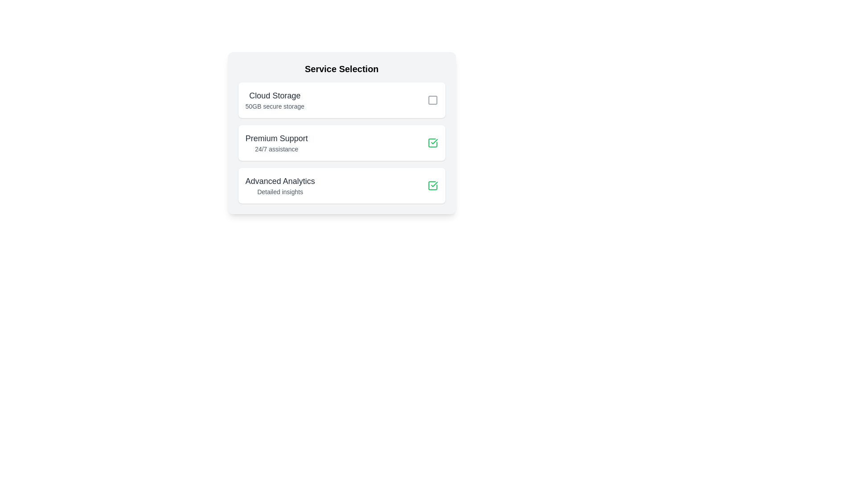  I want to click on the inner graphic of the checkbox located in the first row of the 'Cloud Storage' service description box via tab navigation, so click(432, 100).